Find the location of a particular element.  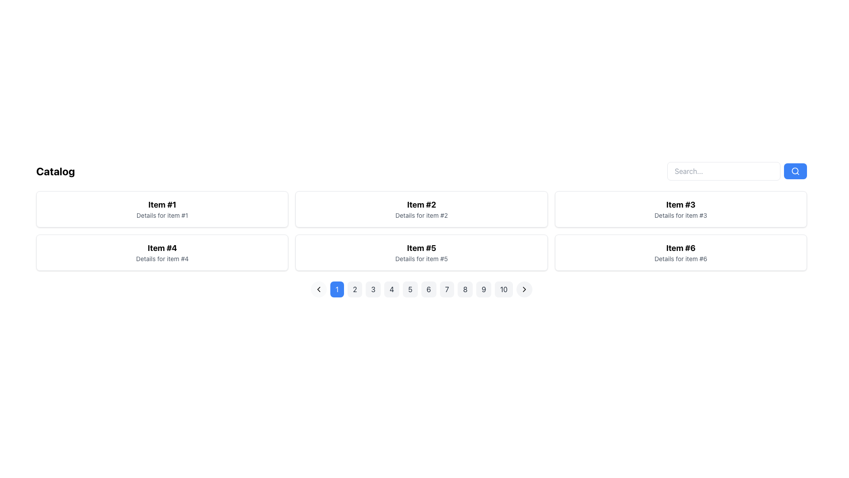

the button labeled '6' in the pagination bar is located at coordinates (421, 289).